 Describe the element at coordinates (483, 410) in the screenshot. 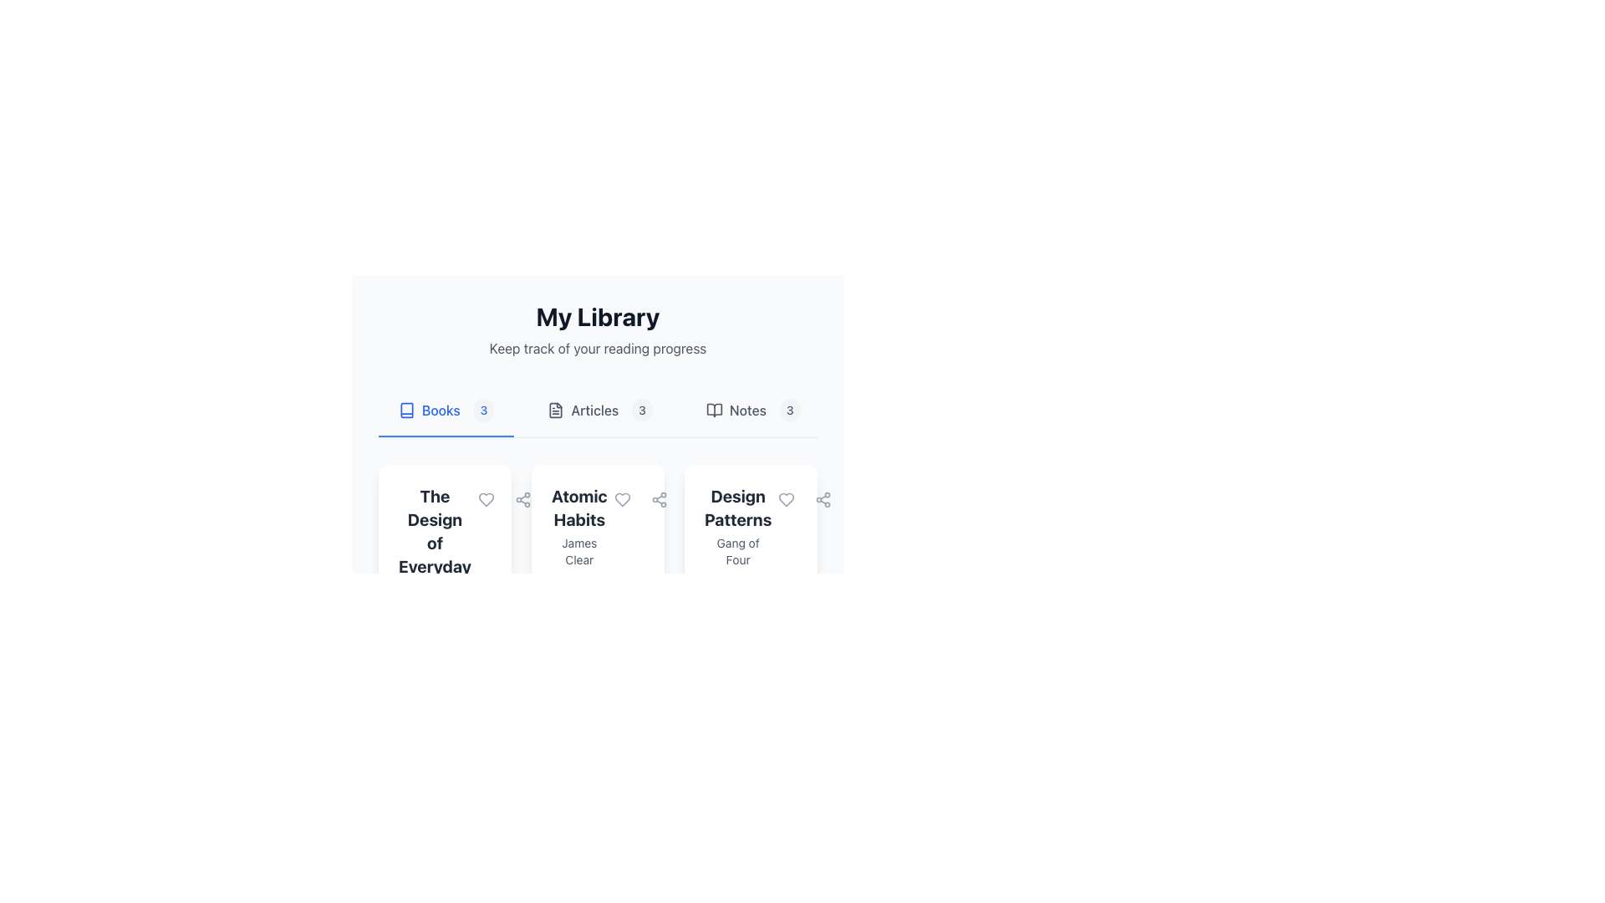

I see `the badge indicating the numerical count associated with the 'Books' section located to the right of the 'Books' label in the navigation menu` at that location.